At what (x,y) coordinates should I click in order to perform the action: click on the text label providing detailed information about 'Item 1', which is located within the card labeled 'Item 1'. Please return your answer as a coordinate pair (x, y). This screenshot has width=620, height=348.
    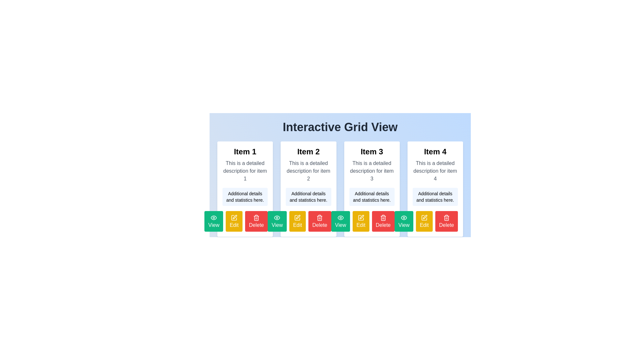
    Looking at the image, I should click on (245, 171).